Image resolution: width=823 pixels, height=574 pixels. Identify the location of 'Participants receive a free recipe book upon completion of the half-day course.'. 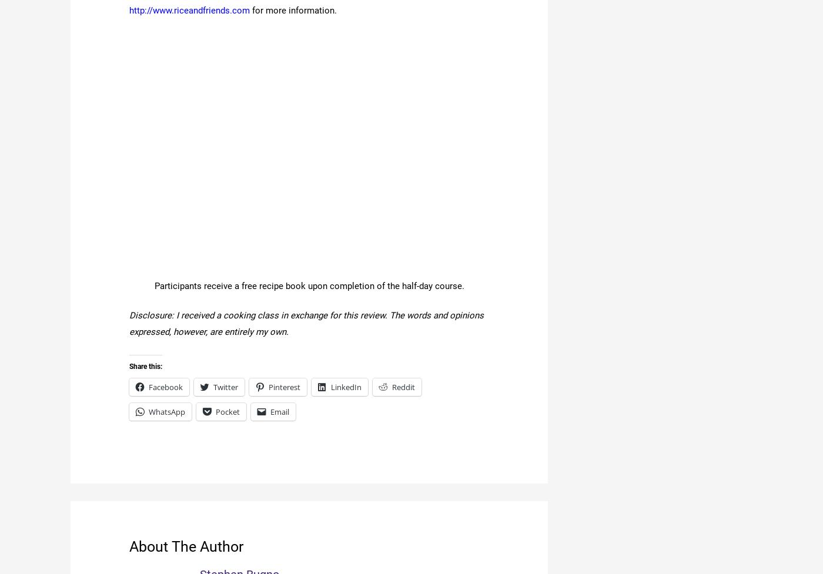
(309, 286).